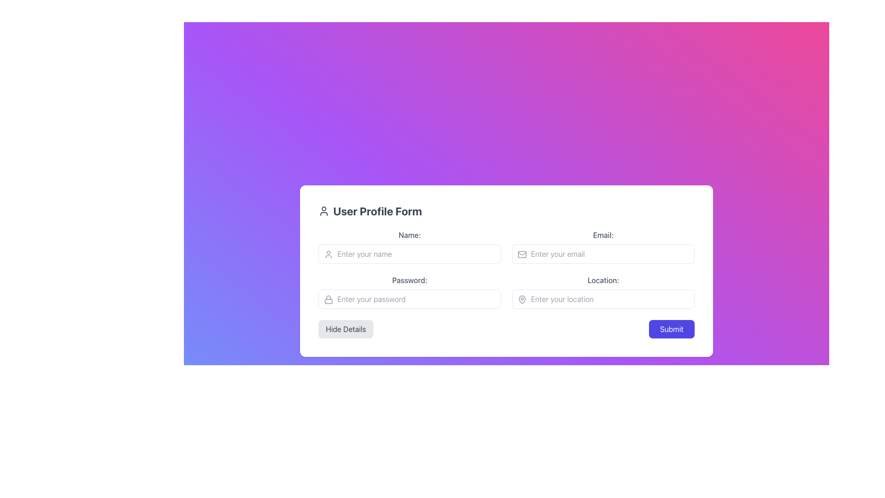 The height and width of the screenshot is (498, 885). What do you see at coordinates (522, 254) in the screenshot?
I see `the mail icon, which is a gray geometric outline of an envelope located to the left within the email input field` at bounding box center [522, 254].